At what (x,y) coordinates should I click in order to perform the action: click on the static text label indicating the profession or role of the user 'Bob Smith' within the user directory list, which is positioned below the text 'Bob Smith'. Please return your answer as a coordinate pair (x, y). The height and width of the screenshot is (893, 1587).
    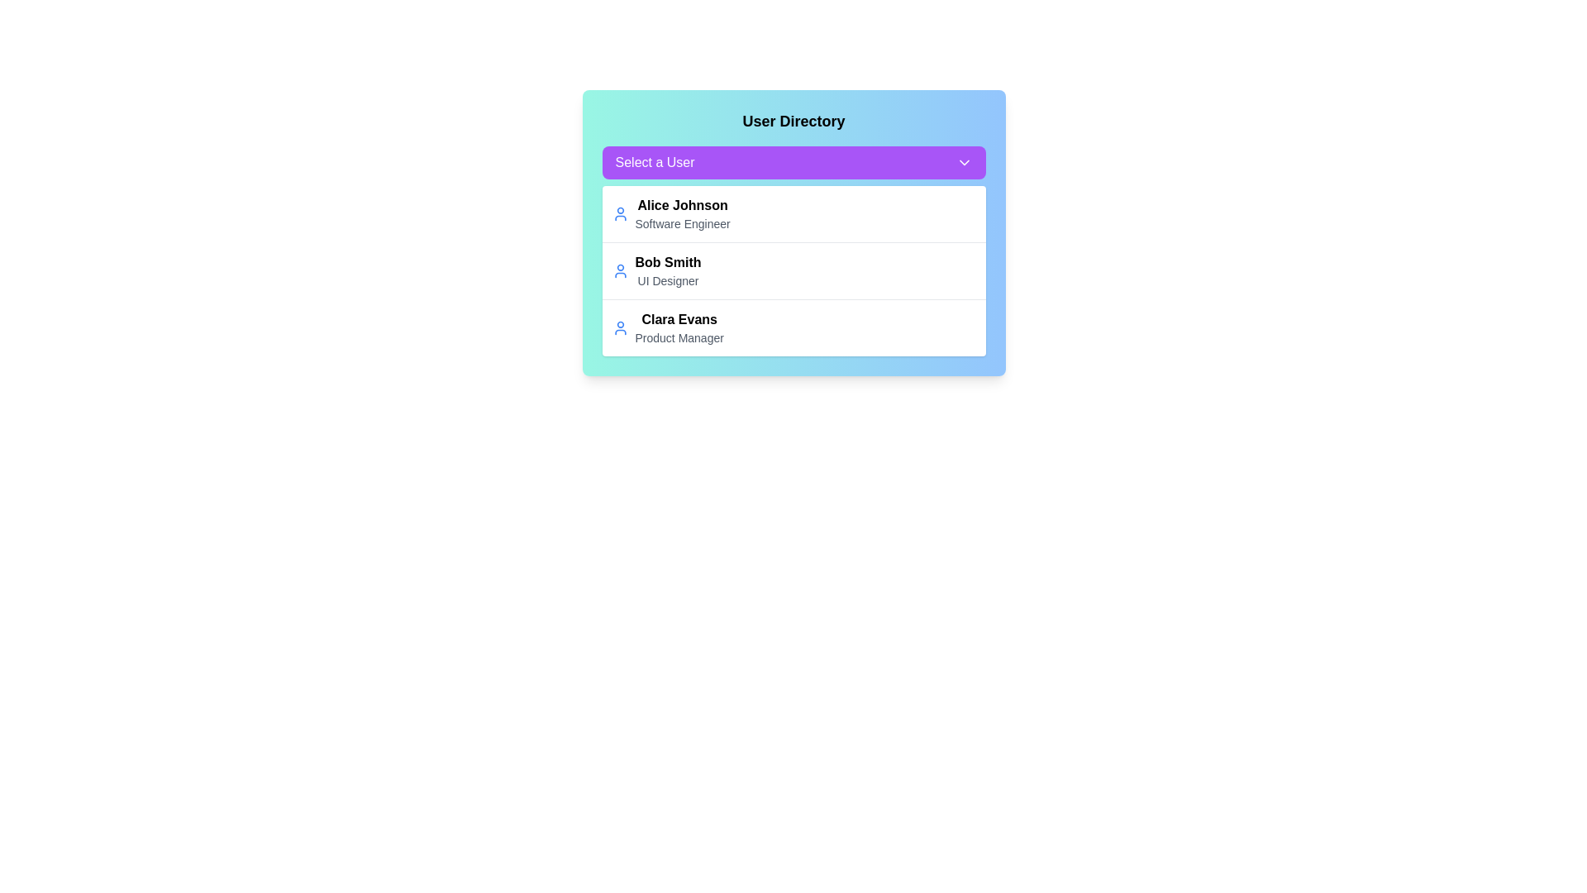
    Looking at the image, I should click on (668, 279).